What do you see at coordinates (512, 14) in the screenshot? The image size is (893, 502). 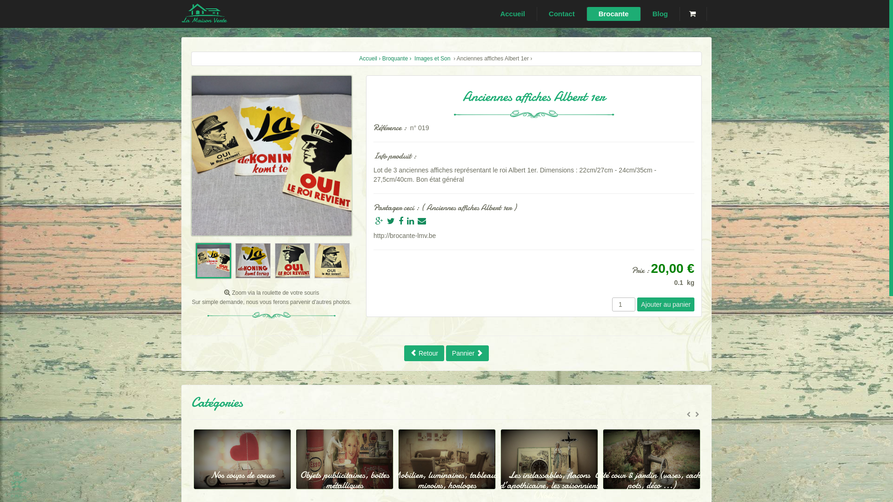 I see `'Accueil'` at bounding box center [512, 14].